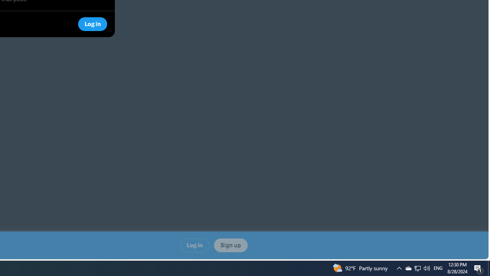 The height and width of the screenshot is (276, 490). What do you see at coordinates (230, 245) in the screenshot?
I see `'Sign up'` at bounding box center [230, 245].